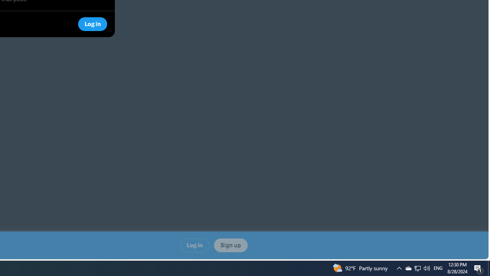 The height and width of the screenshot is (276, 490). What do you see at coordinates (230, 245) in the screenshot?
I see `'Sign up'` at bounding box center [230, 245].